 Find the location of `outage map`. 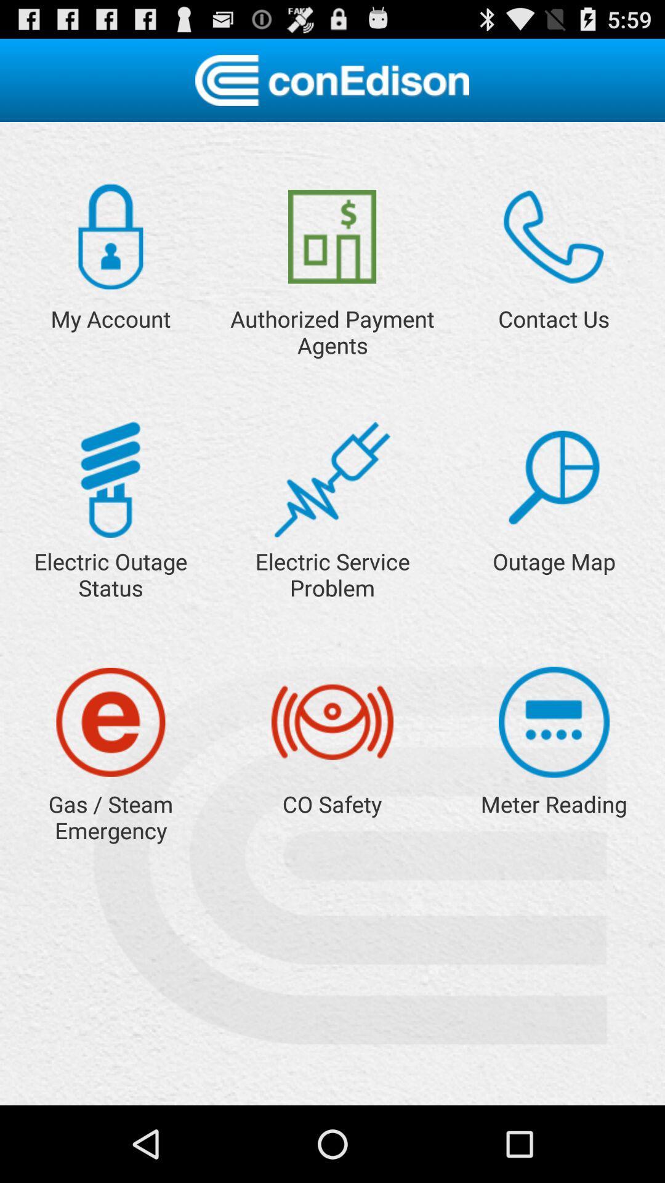

outage map is located at coordinates (553, 477).